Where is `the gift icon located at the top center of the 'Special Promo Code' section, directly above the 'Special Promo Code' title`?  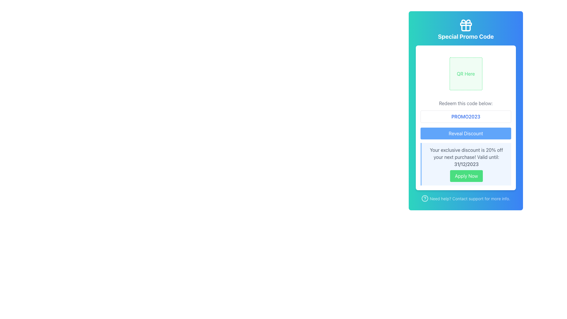 the gift icon located at the top center of the 'Special Promo Code' section, directly above the 'Special Promo Code' title is located at coordinates (465, 25).